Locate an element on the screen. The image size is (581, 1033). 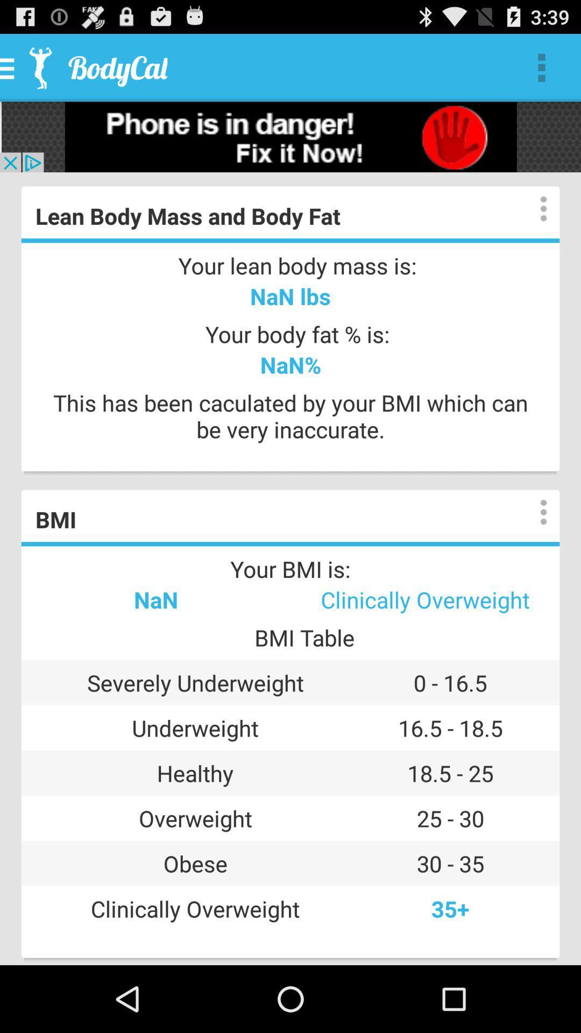
overflow action button is located at coordinates (533, 512).